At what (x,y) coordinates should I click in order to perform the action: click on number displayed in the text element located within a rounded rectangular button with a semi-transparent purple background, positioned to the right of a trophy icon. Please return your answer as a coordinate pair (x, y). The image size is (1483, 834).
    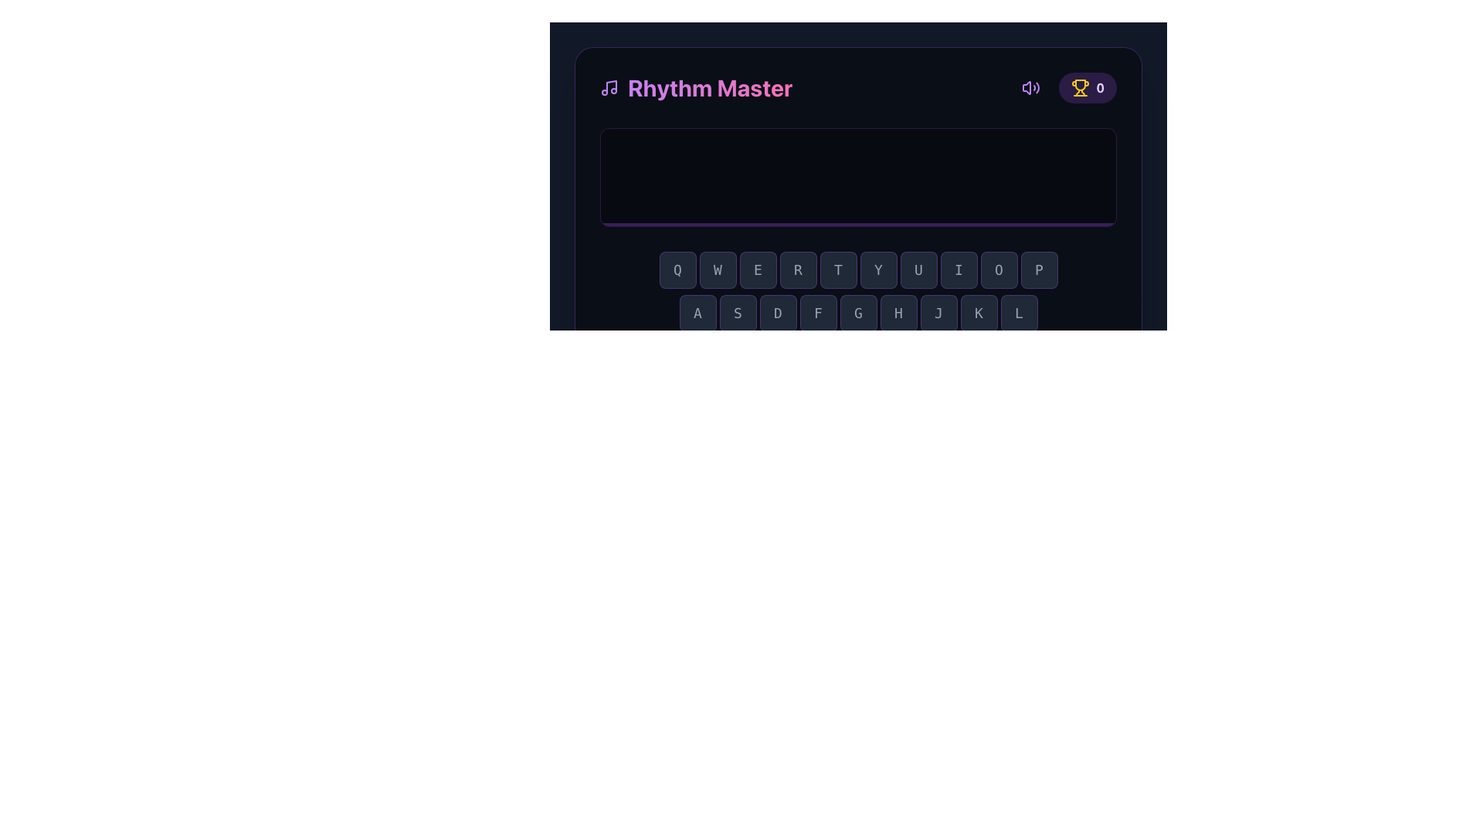
    Looking at the image, I should click on (1099, 88).